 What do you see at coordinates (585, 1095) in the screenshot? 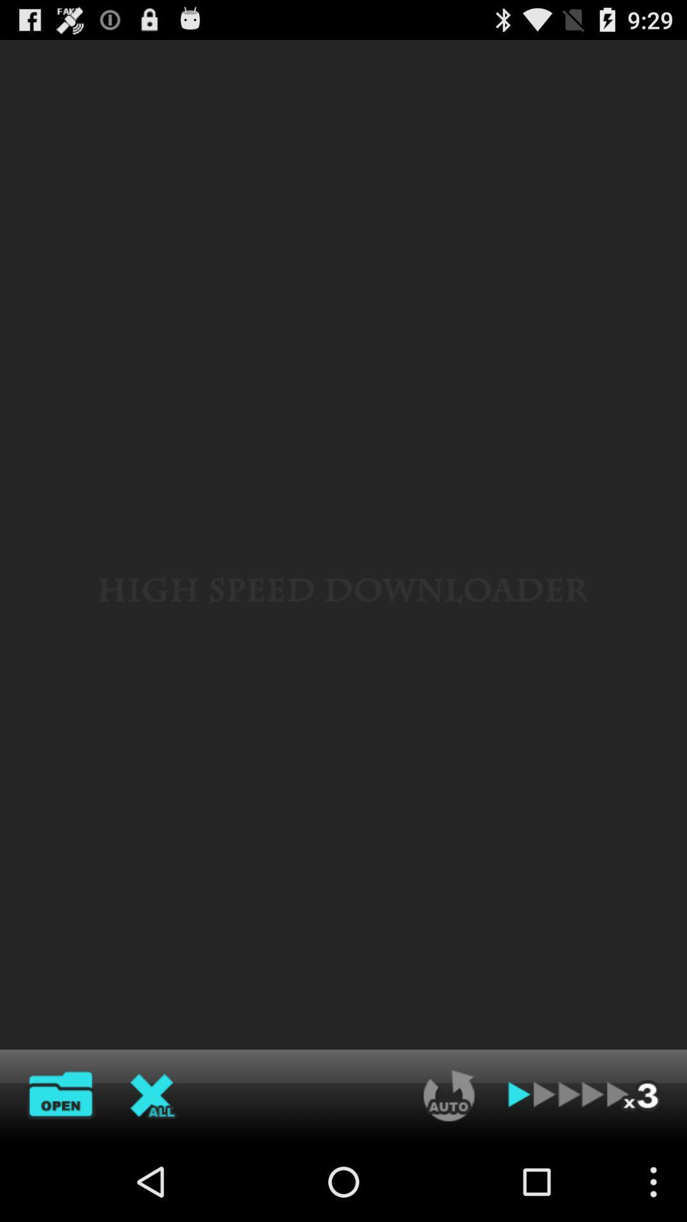
I see `forward one more` at bounding box center [585, 1095].